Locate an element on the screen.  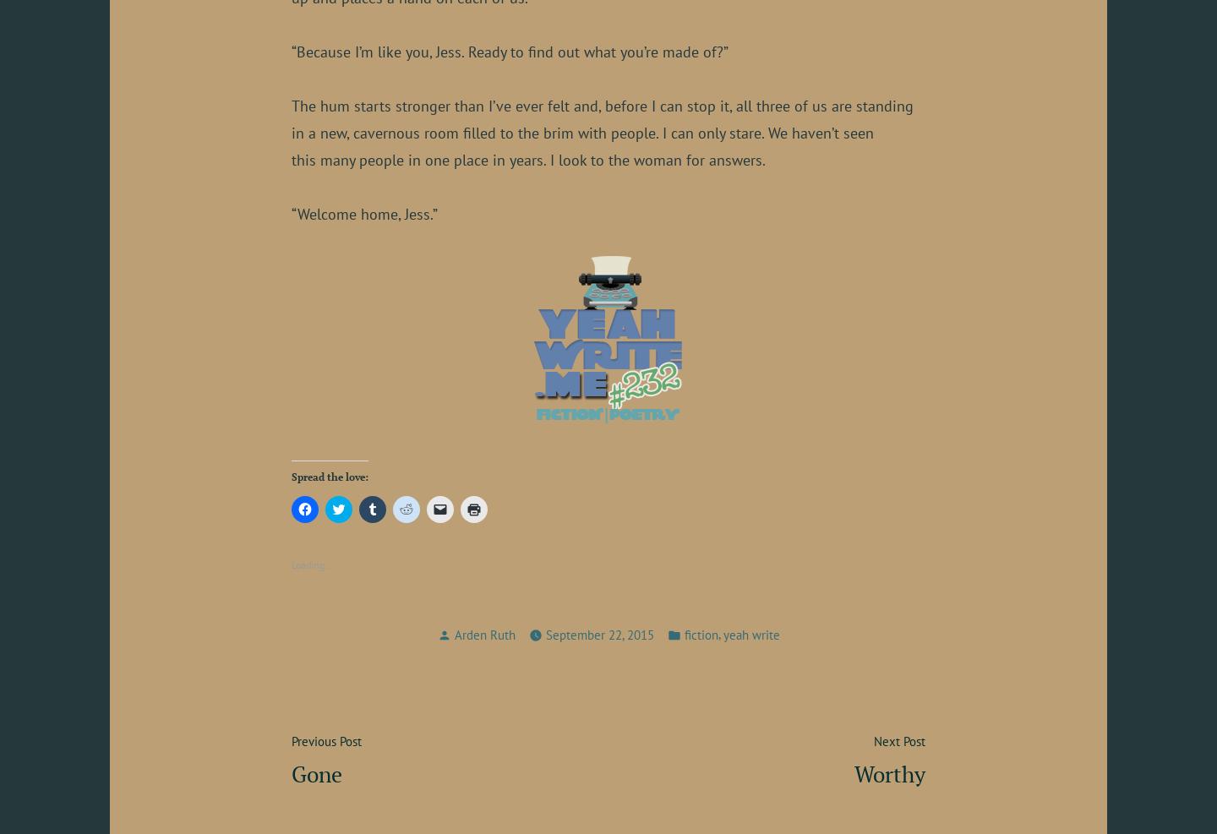
',' is located at coordinates (719, 632).